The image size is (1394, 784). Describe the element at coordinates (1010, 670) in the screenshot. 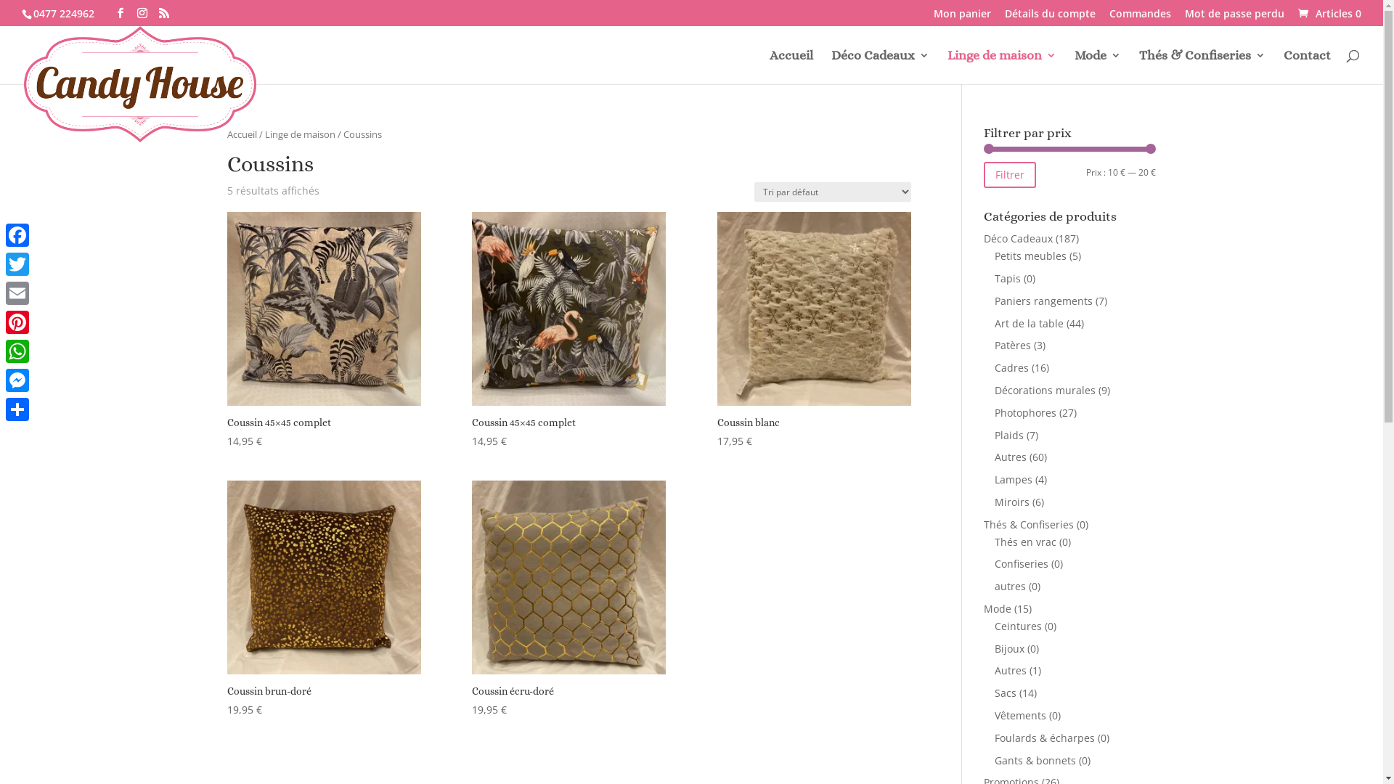

I see `'Autres'` at that location.